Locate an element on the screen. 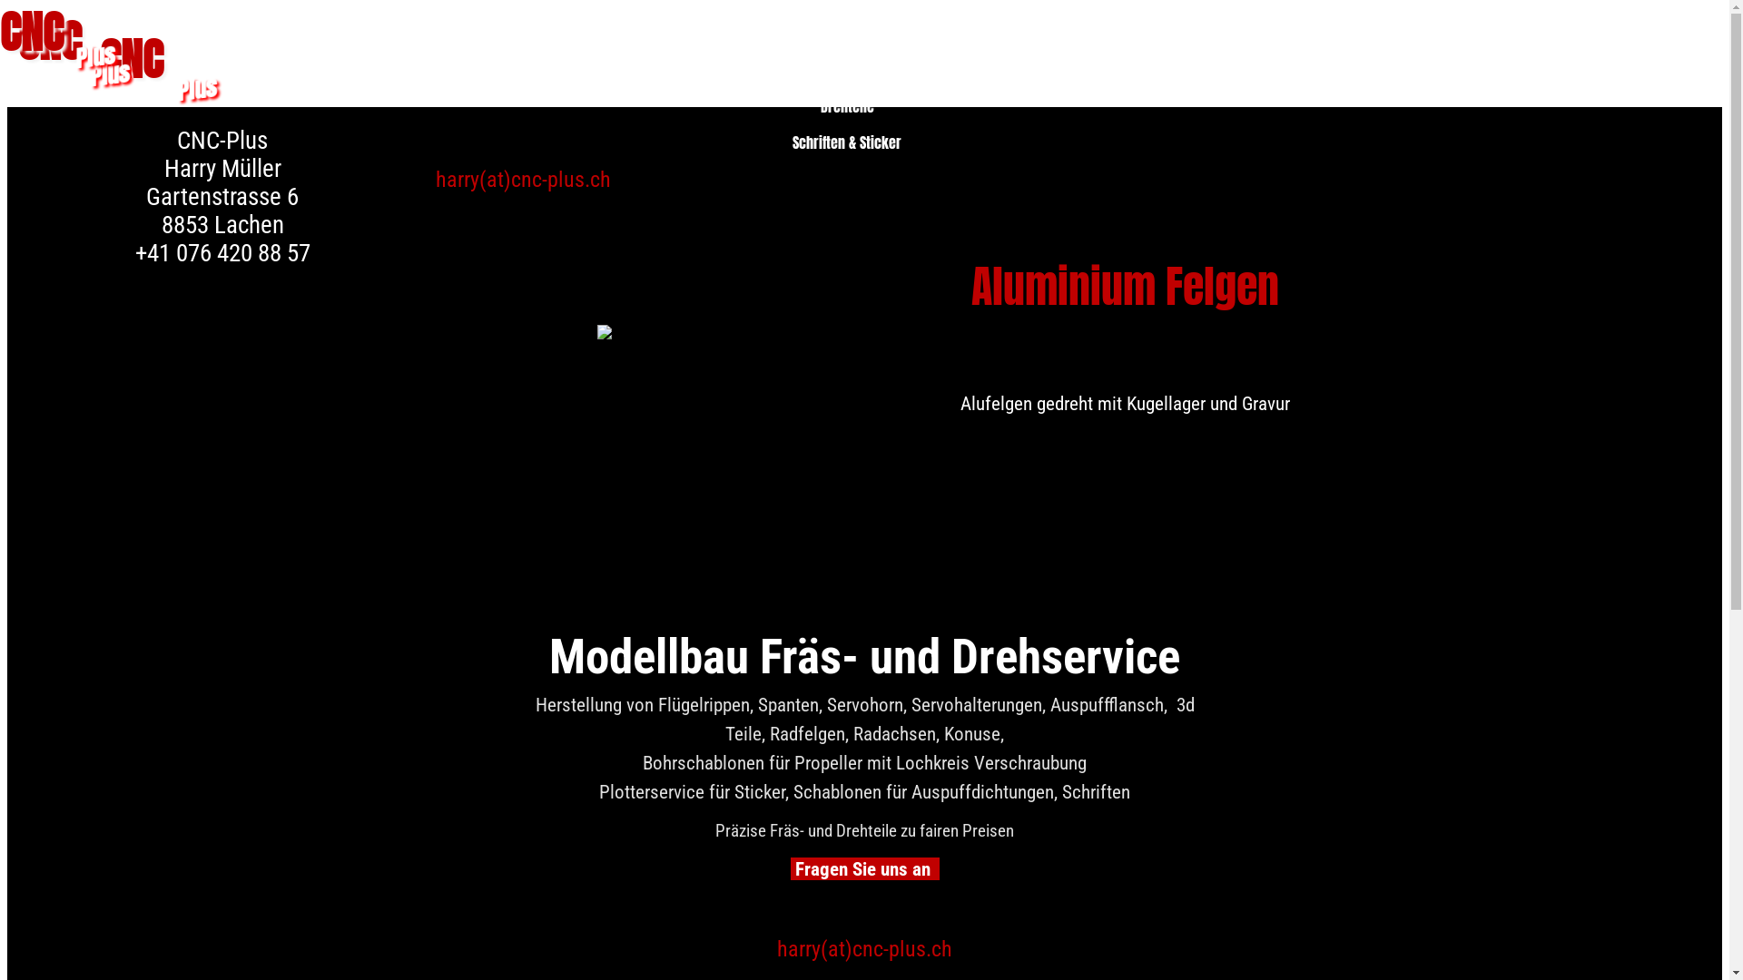 The height and width of the screenshot is (980, 1743). 'harry(at)cnc-plus.ch' is located at coordinates (776, 947).